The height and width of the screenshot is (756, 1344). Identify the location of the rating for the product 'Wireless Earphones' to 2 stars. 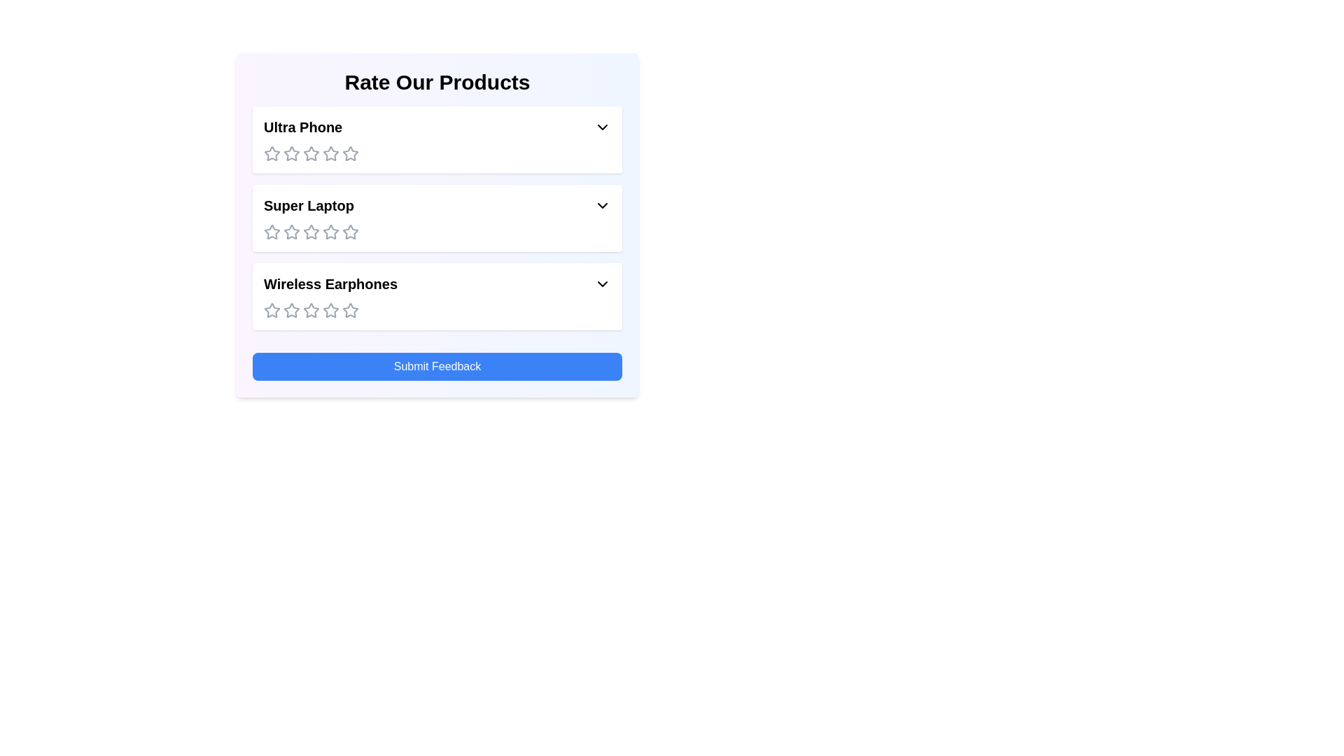
(291, 309).